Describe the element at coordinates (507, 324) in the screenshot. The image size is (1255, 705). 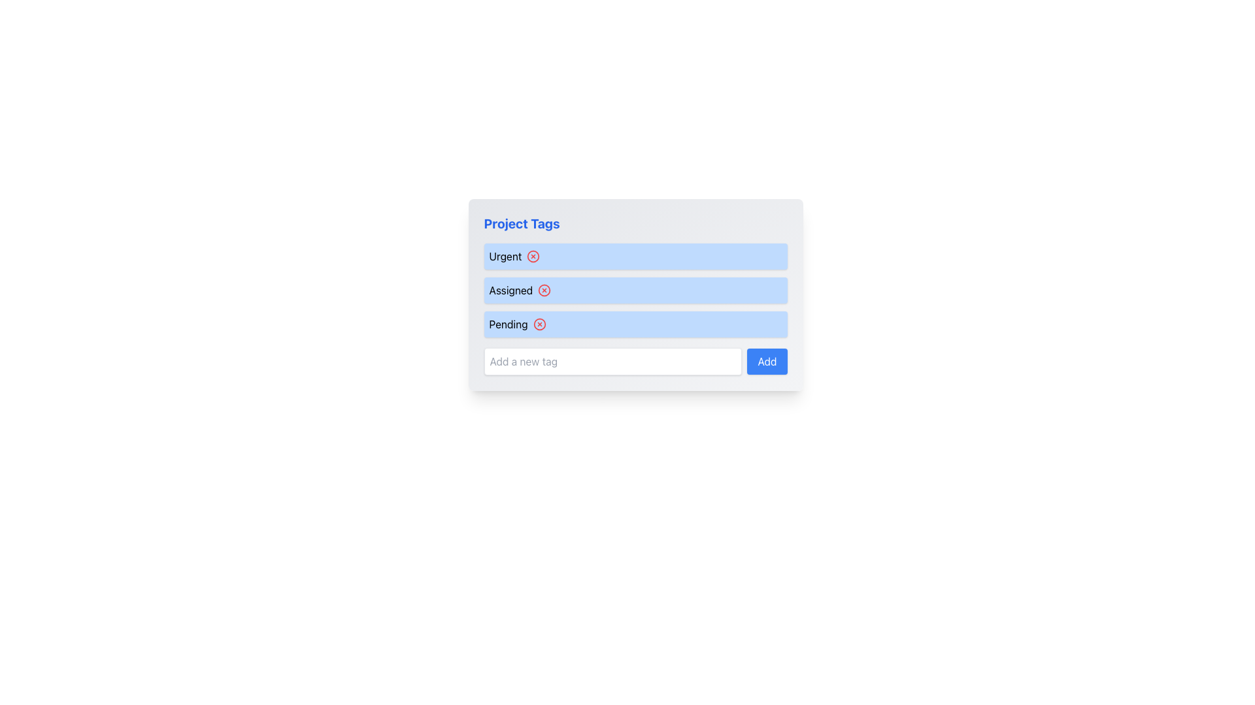
I see `the 'Pending' status label located in the 'Project Tags' section, which is the third tag in a vertical list` at that location.